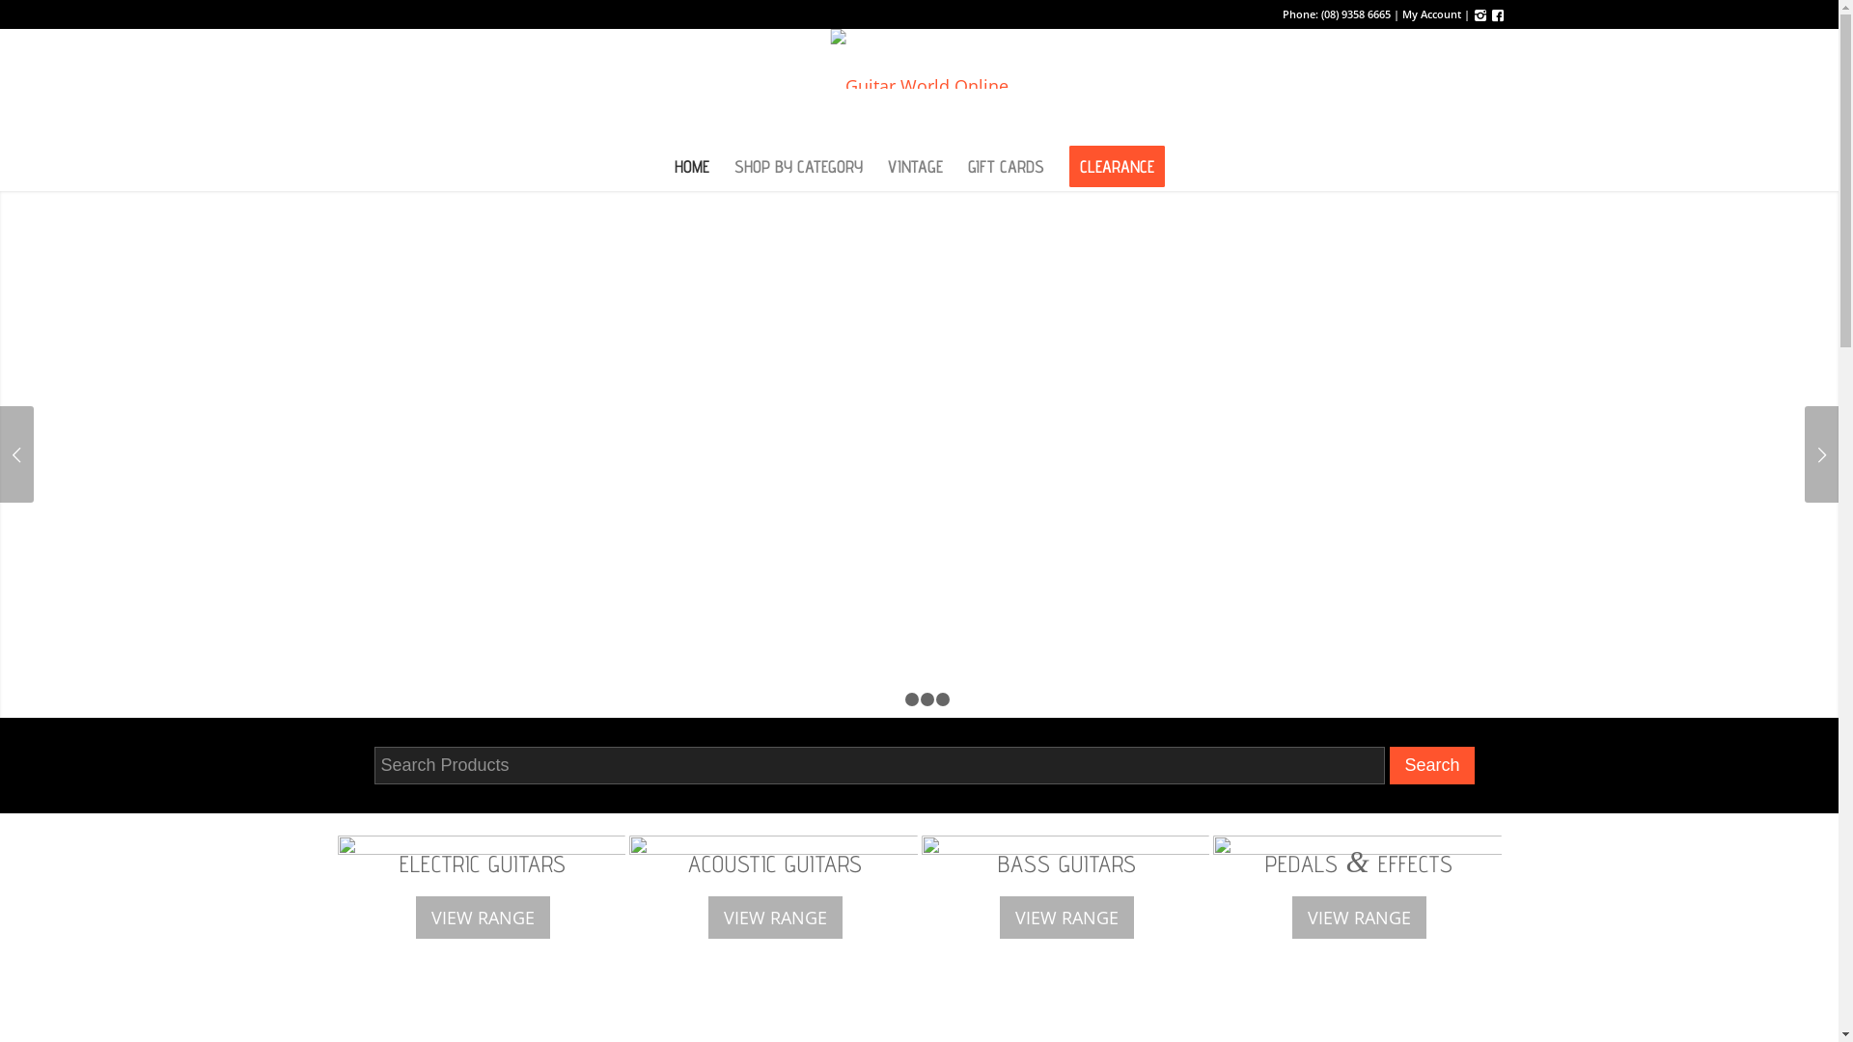 The image size is (1853, 1042). What do you see at coordinates (1820, 453) in the screenshot?
I see `'Next'` at bounding box center [1820, 453].